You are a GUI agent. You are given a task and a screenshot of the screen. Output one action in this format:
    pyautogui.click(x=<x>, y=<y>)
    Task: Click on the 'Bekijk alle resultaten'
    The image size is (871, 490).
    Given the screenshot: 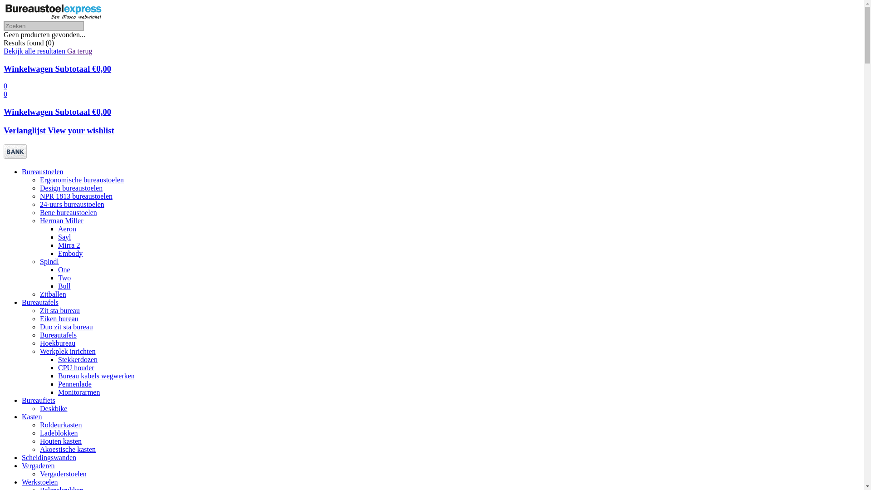 What is the action you would take?
    pyautogui.click(x=35, y=51)
    